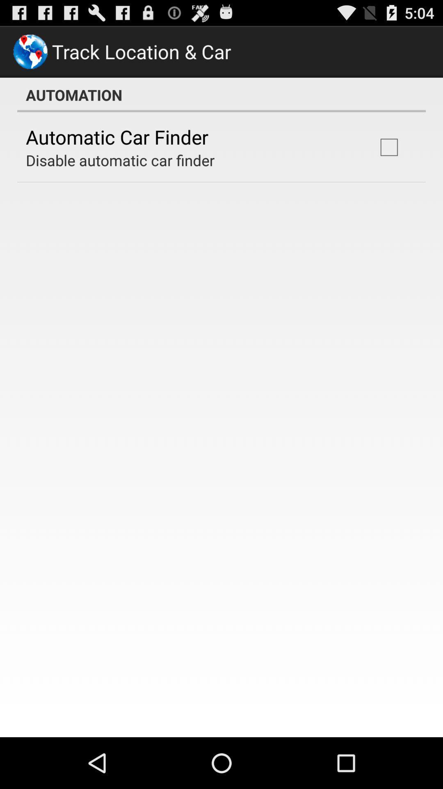 The height and width of the screenshot is (789, 443). I want to click on item at the top right corner, so click(388, 147).